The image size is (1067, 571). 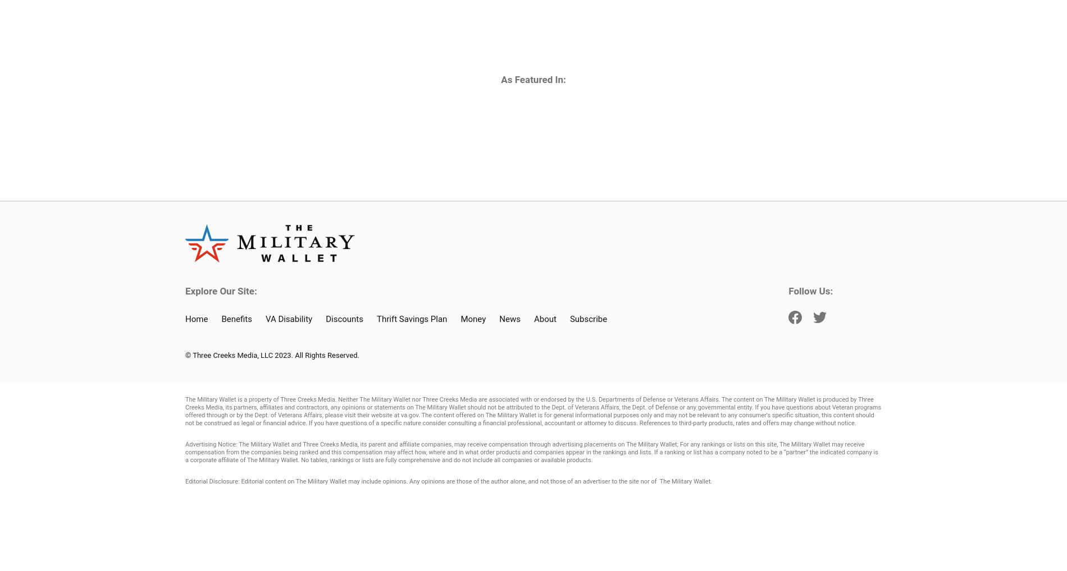 I want to click on 'About', so click(x=544, y=319).